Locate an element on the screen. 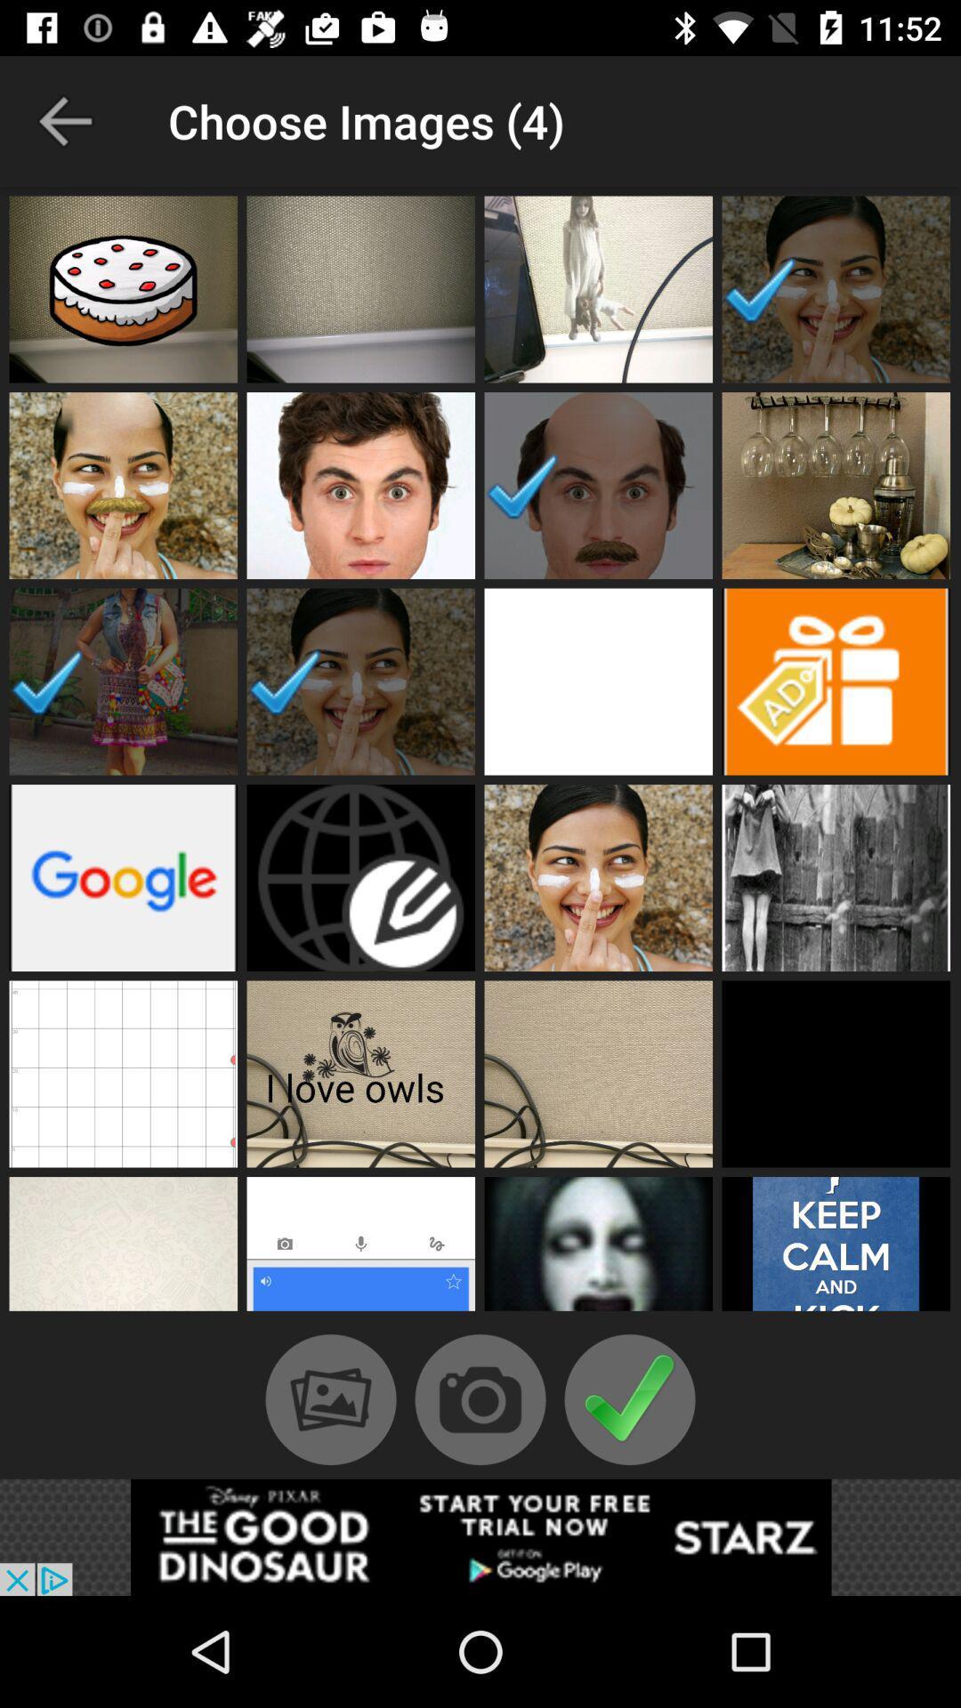  this photo is located at coordinates (360, 289).